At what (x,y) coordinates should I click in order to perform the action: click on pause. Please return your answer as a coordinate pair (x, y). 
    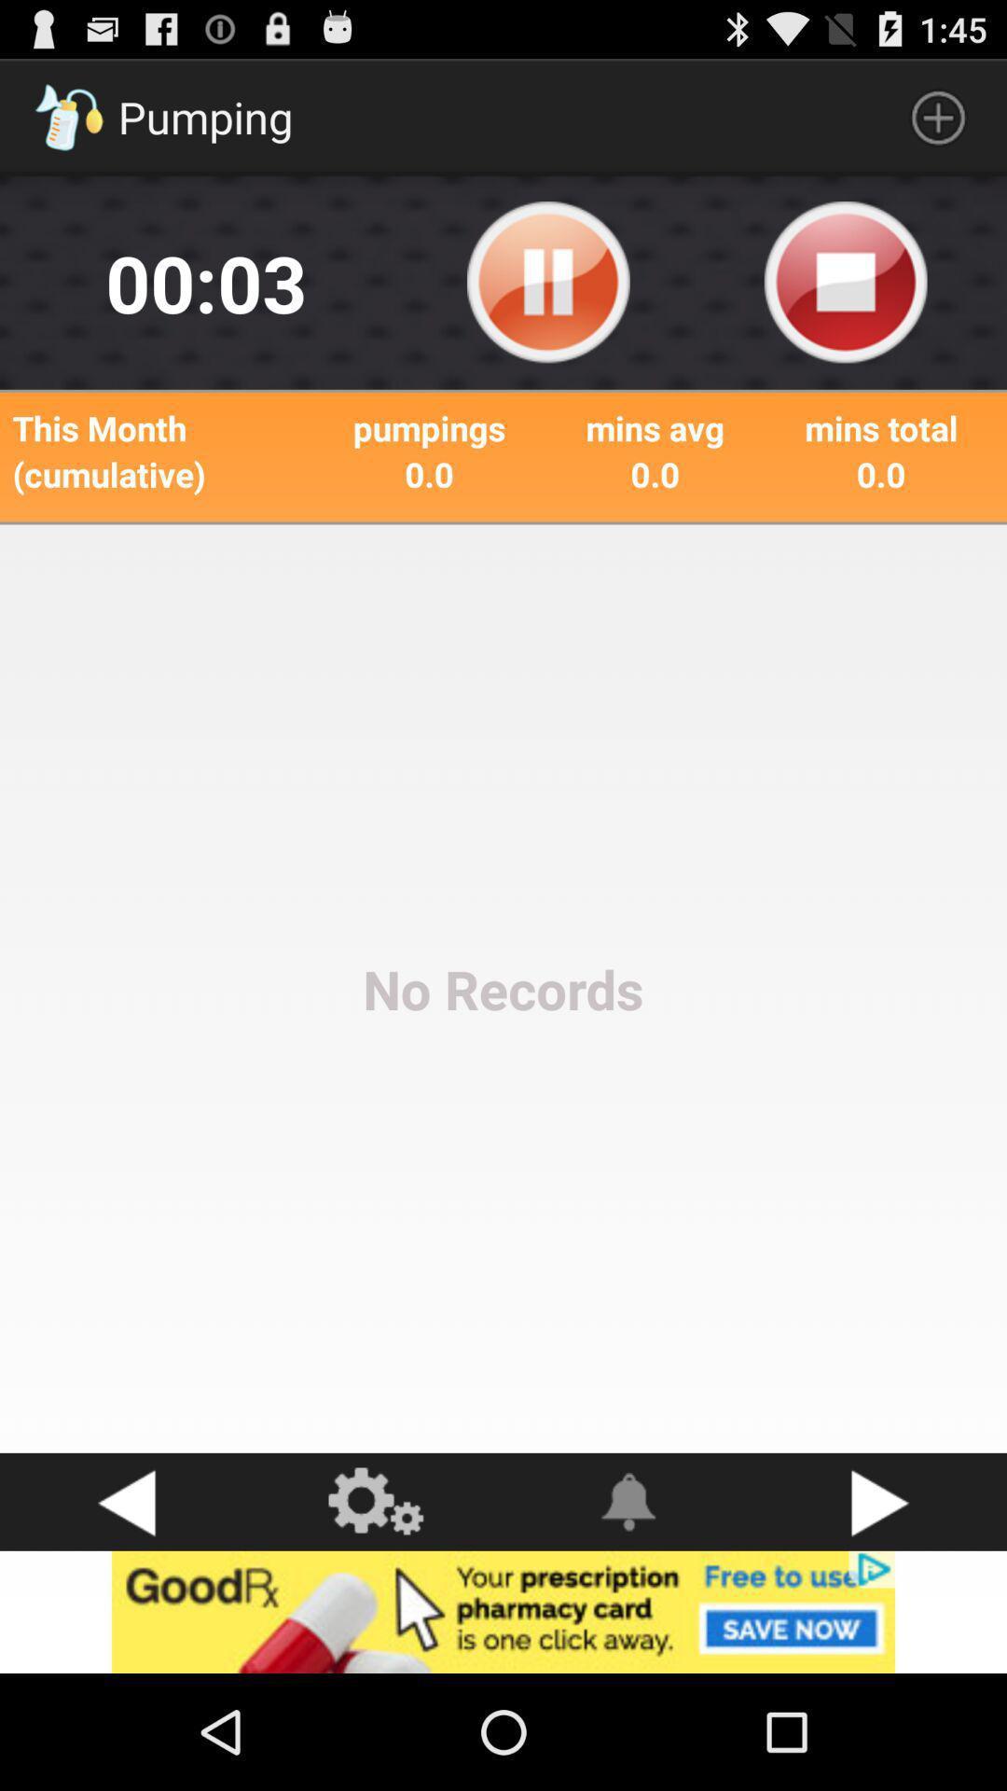
    Looking at the image, I should click on (547, 282).